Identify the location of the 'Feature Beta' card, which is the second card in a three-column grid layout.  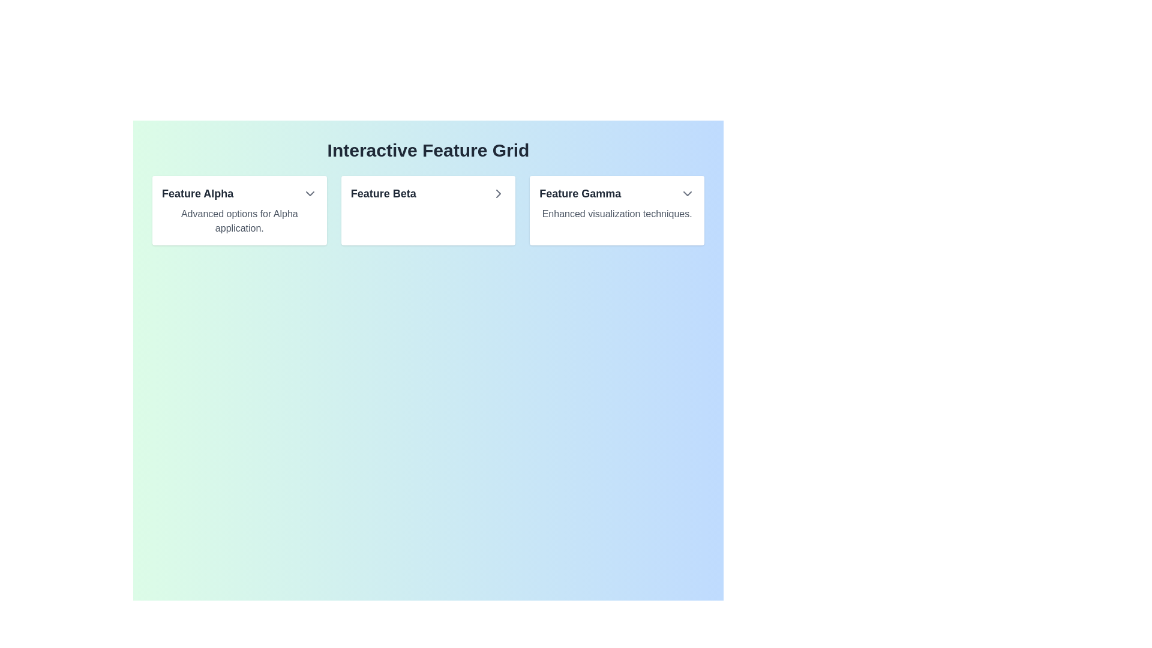
(428, 210).